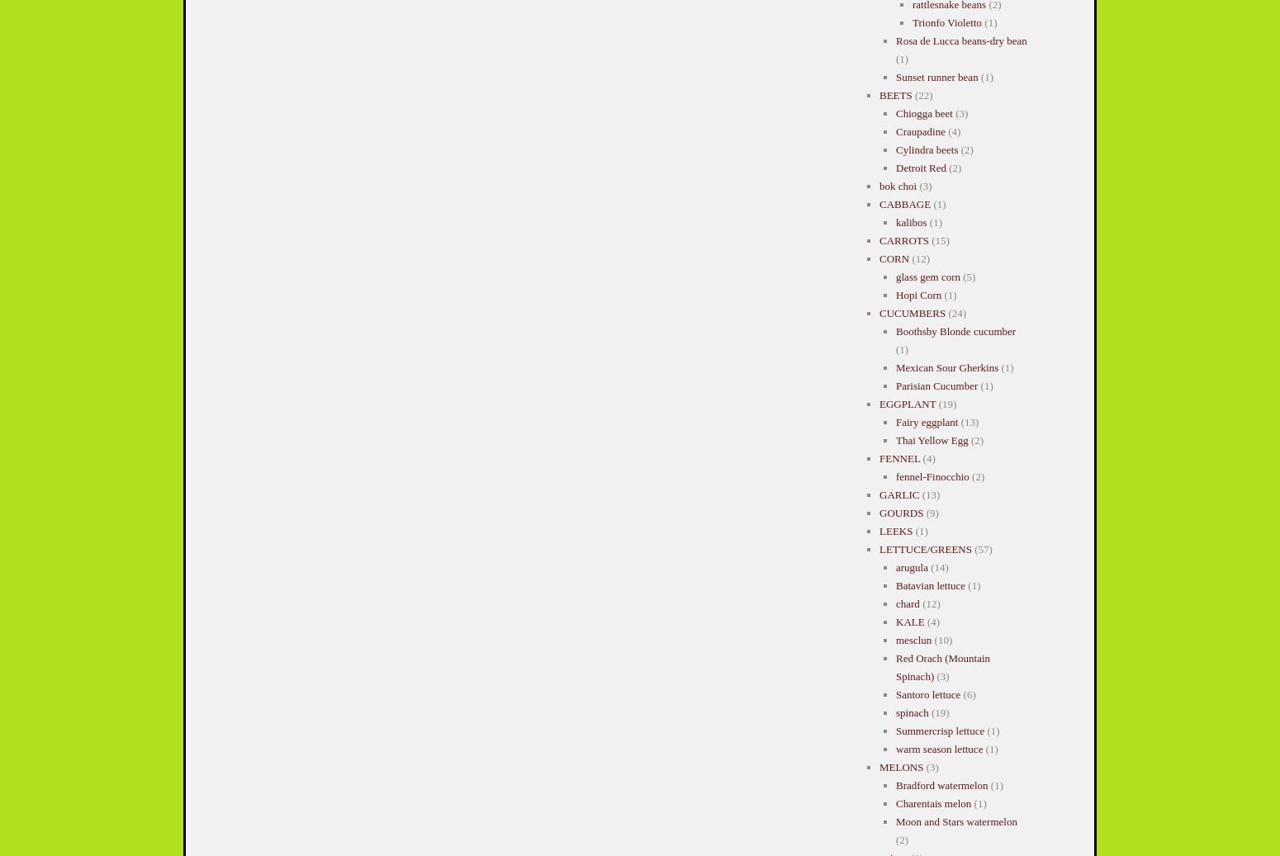 The width and height of the screenshot is (1280, 856). I want to click on 'CARROTS', so click(903, 239).